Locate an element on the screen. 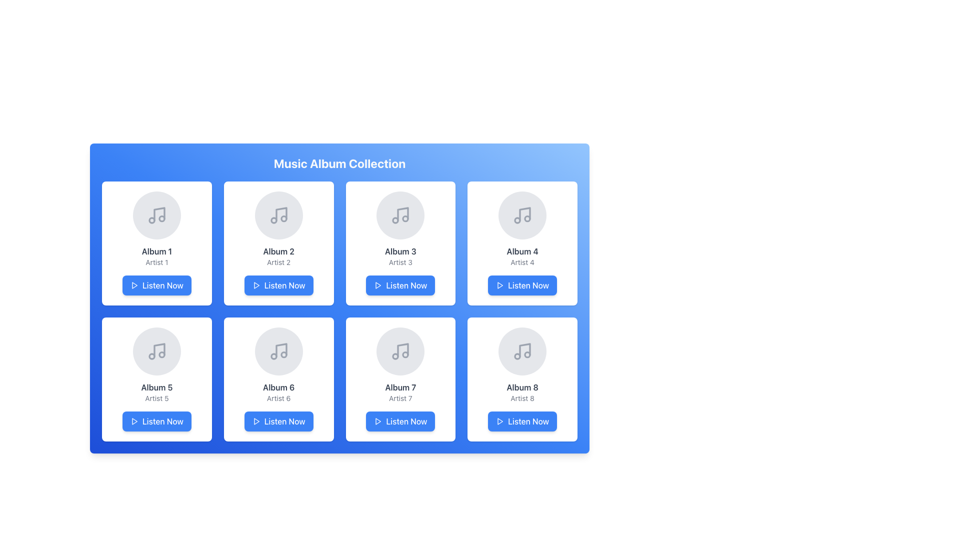 This screenshot has height=540, width=960. text displayed in the non-interactive label showing the artist's name located below 'Album 7' and above the 'Listen Now' button is located at coordinates (400, 398).